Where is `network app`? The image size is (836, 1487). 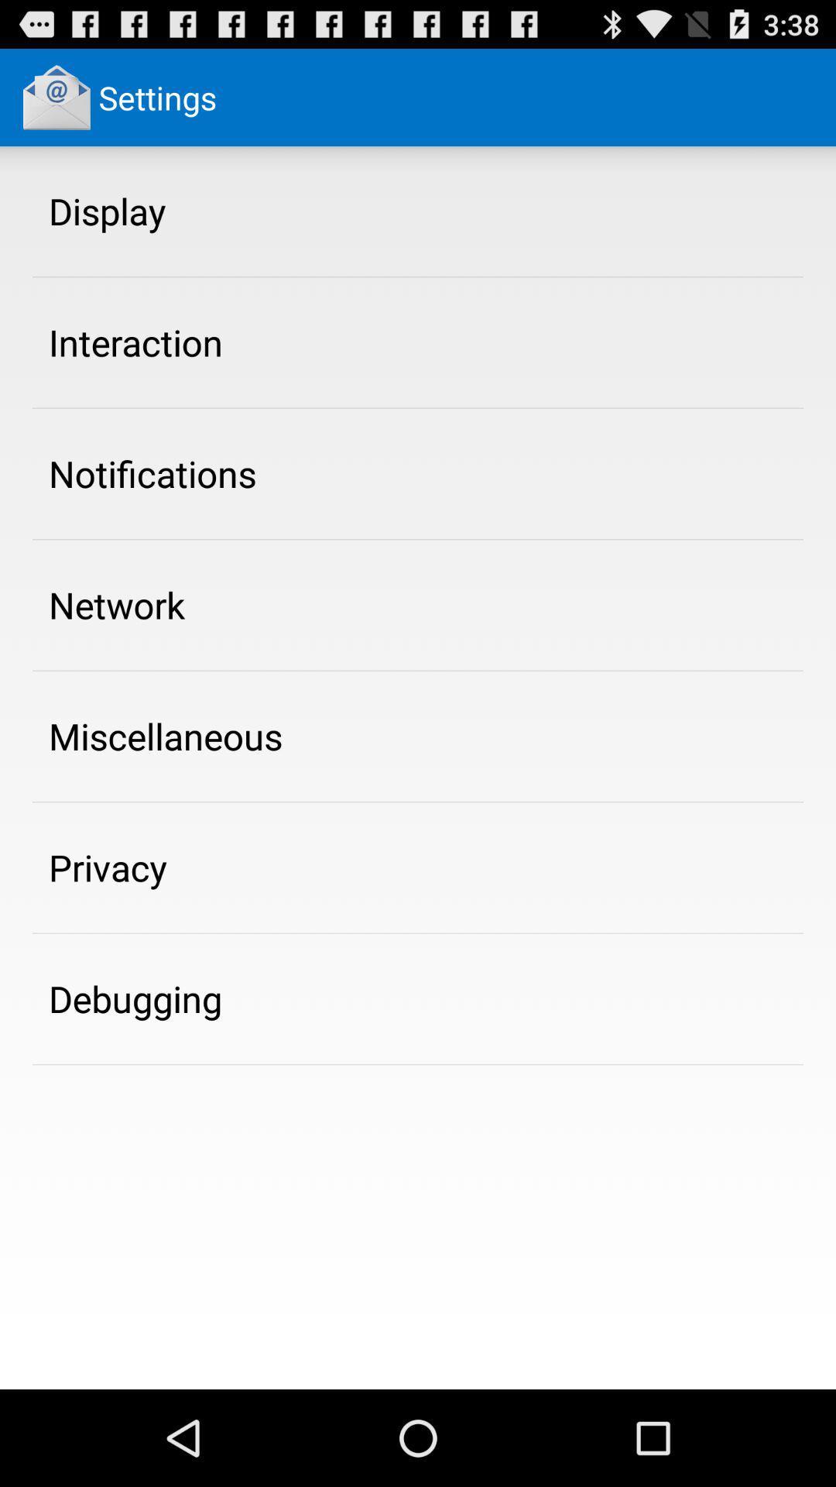
network app is located at coordinates (116, 604).